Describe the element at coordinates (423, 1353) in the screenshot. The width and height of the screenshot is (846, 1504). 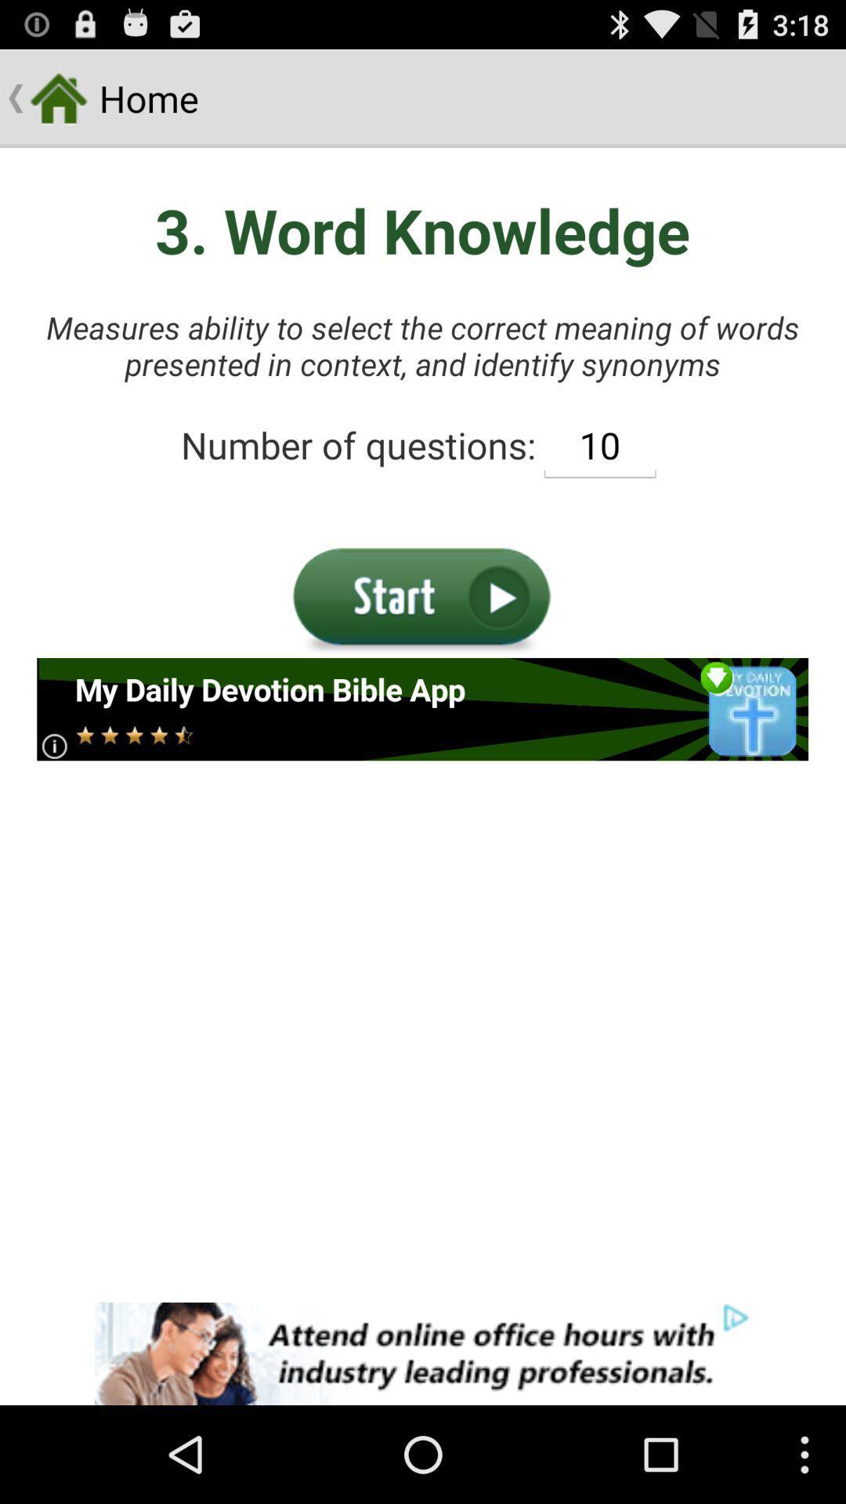
I see `banner advertisements` at that location.